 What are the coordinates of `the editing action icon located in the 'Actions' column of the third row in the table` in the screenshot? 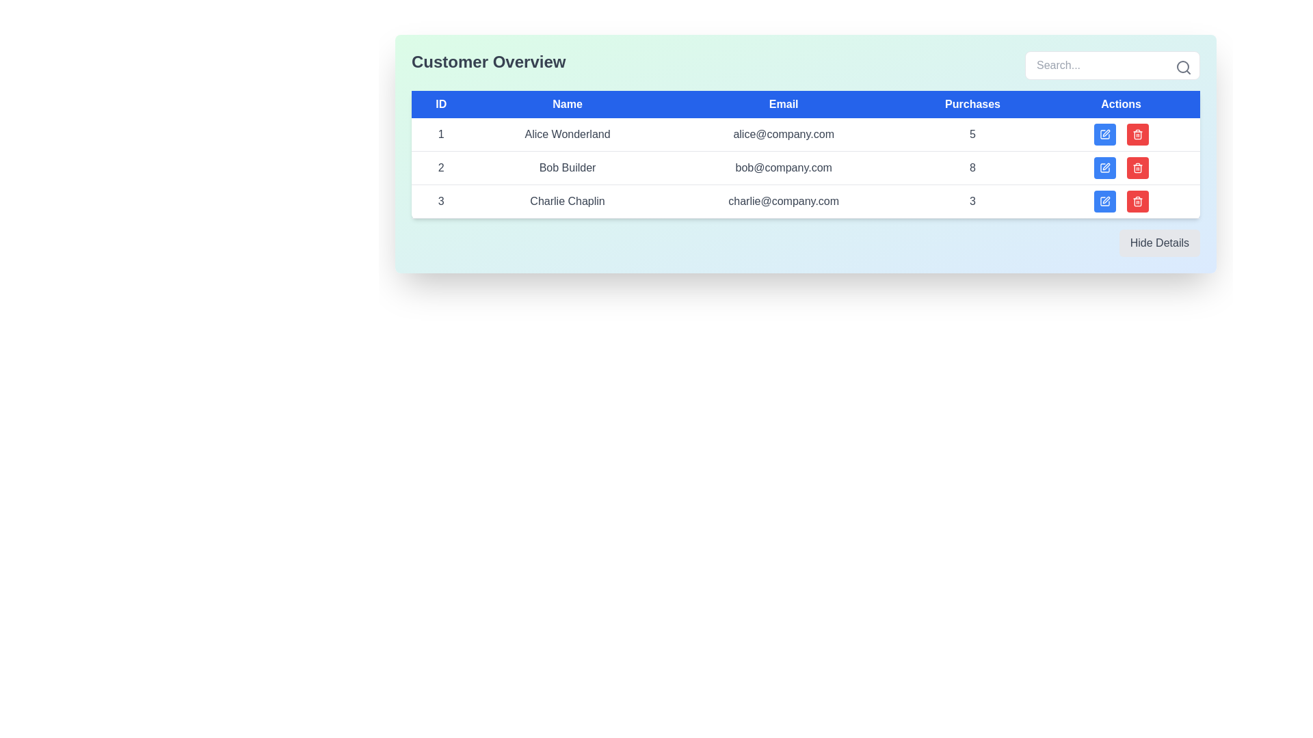 It's located at (1106, 200).